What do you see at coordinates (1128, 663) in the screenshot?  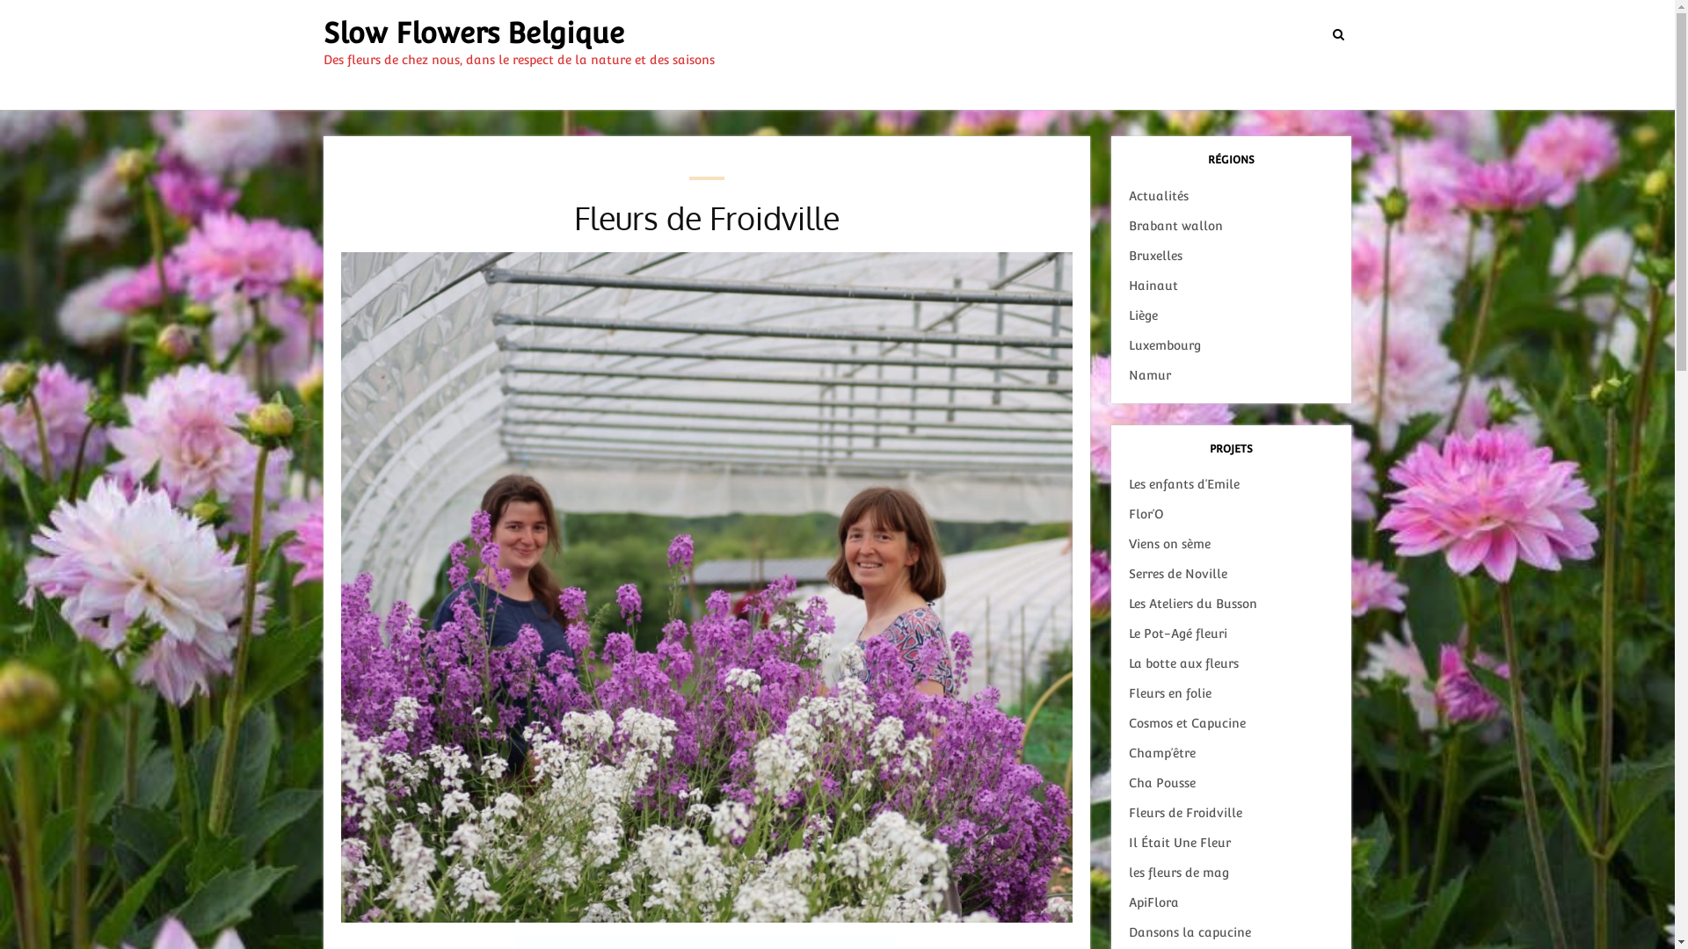 I see `'La botte aux fleurs'` at bounding box center [1128, 663].